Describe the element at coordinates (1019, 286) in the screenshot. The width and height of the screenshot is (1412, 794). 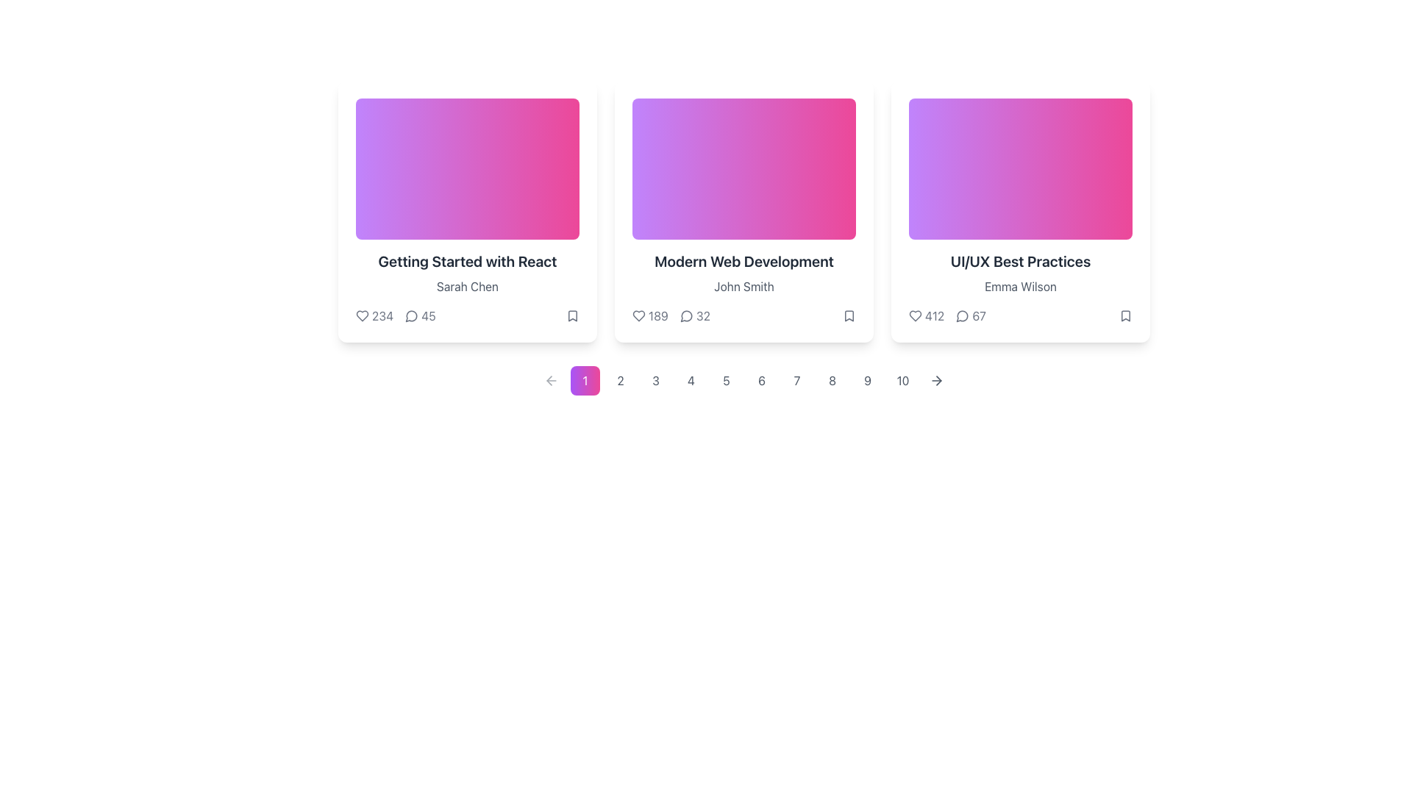
I see `the text label displaying 'Emma Wilson', which is located centrally below the title 'UI/UX Best Practices' within the third card of a horizontally aligned card grid` at that location.